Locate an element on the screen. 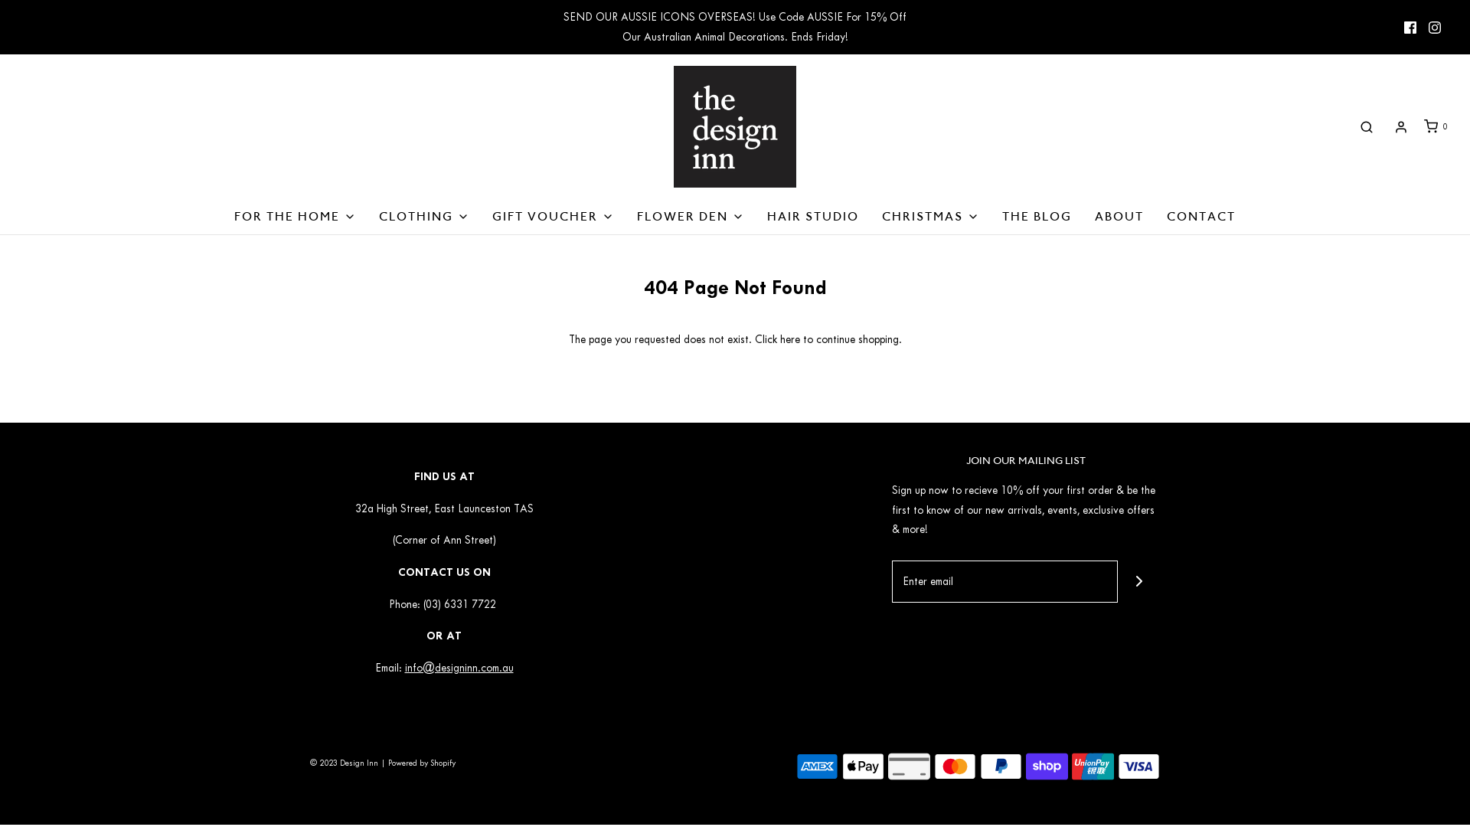 Image resolution: width=1470 pixels, height=827 pixels. 'HAIR STUDIO' is located at coordinates (812, 216).